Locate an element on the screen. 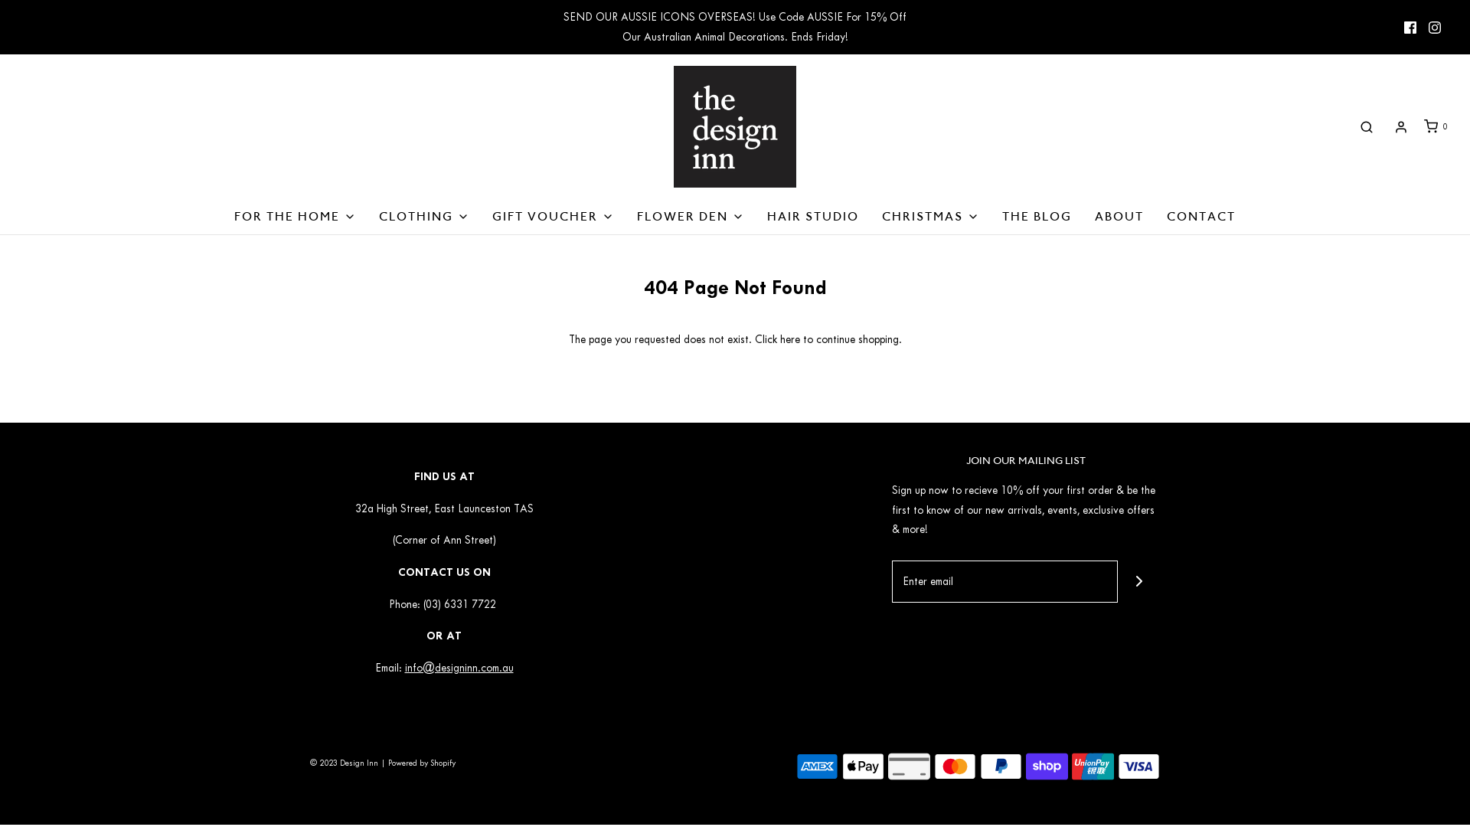 Image resolution: width=1470 pixels, height=827 pixels. 'HAIR STUDIO' is located at coordinates (812, 216).